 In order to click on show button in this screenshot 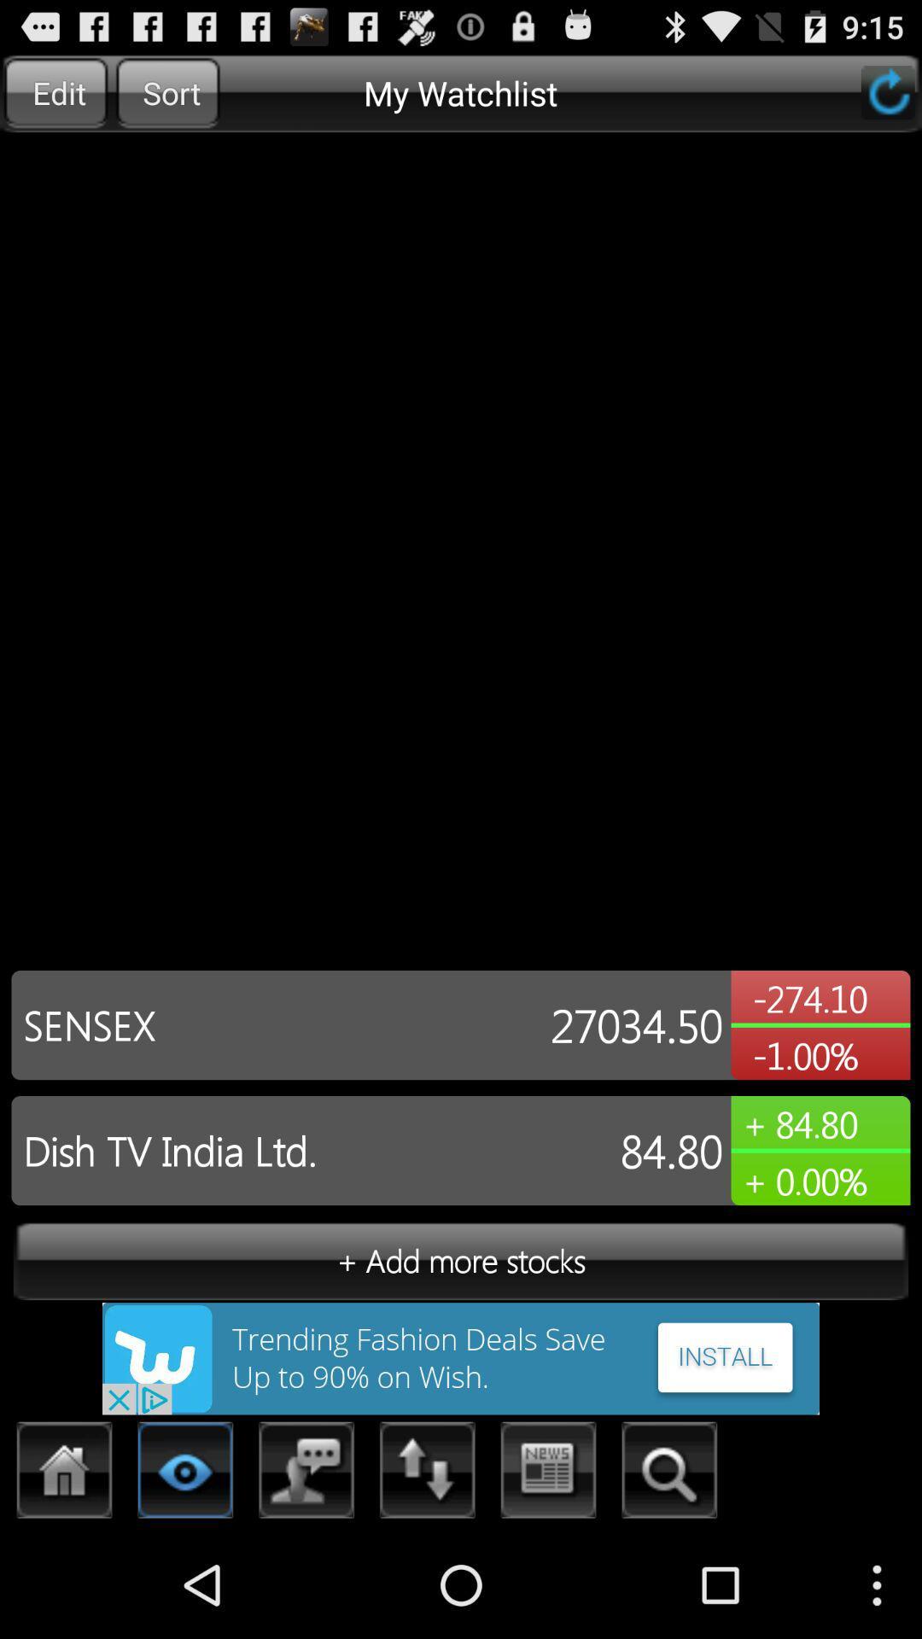, I will do `click(185, 1474)`.